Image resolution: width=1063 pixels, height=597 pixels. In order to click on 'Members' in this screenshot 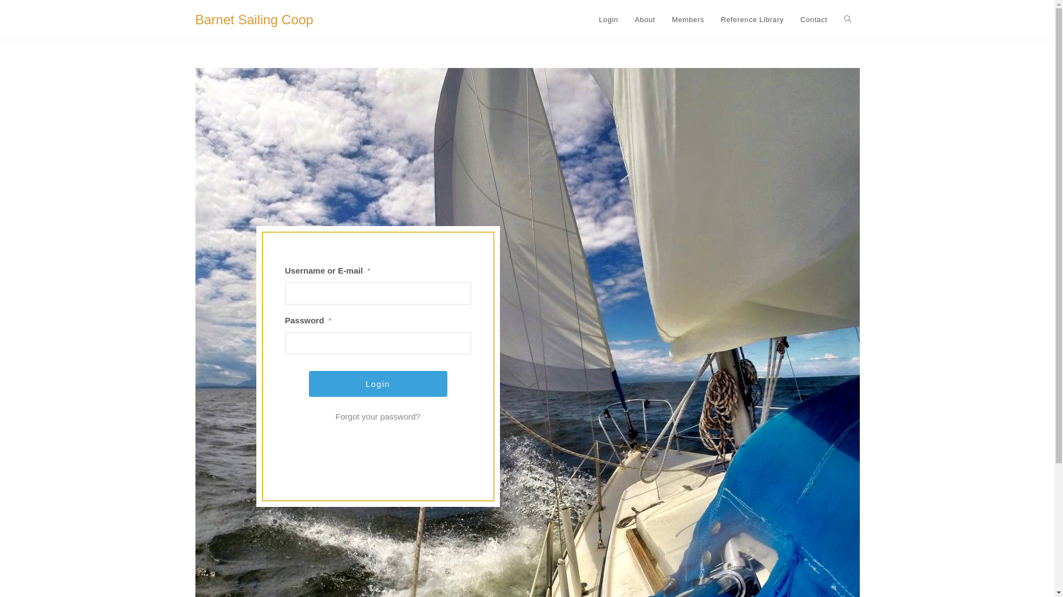, I will do `click(688, 19)`.